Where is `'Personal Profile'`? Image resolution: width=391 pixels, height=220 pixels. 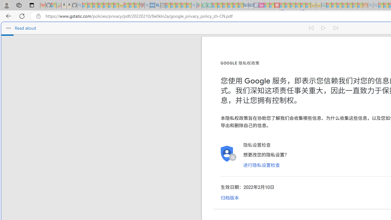 'Personal Profile' is located at coordinates (6, 5).